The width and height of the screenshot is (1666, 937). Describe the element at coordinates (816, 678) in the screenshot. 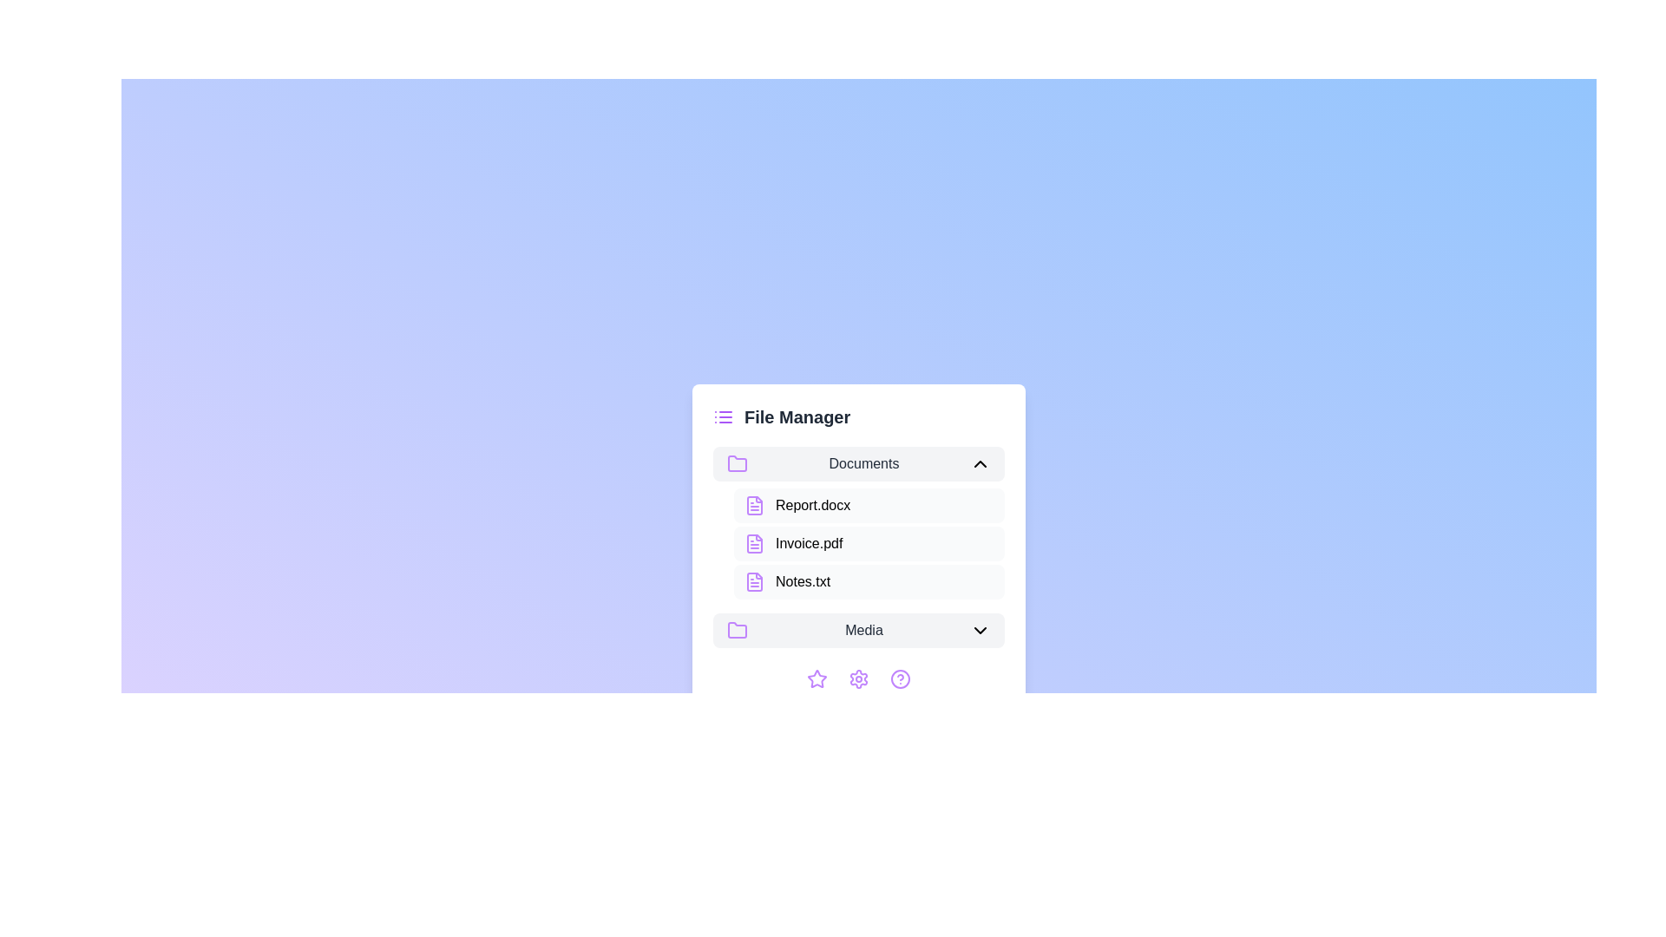

I see `the footer option Star to access its functionality` at that location.